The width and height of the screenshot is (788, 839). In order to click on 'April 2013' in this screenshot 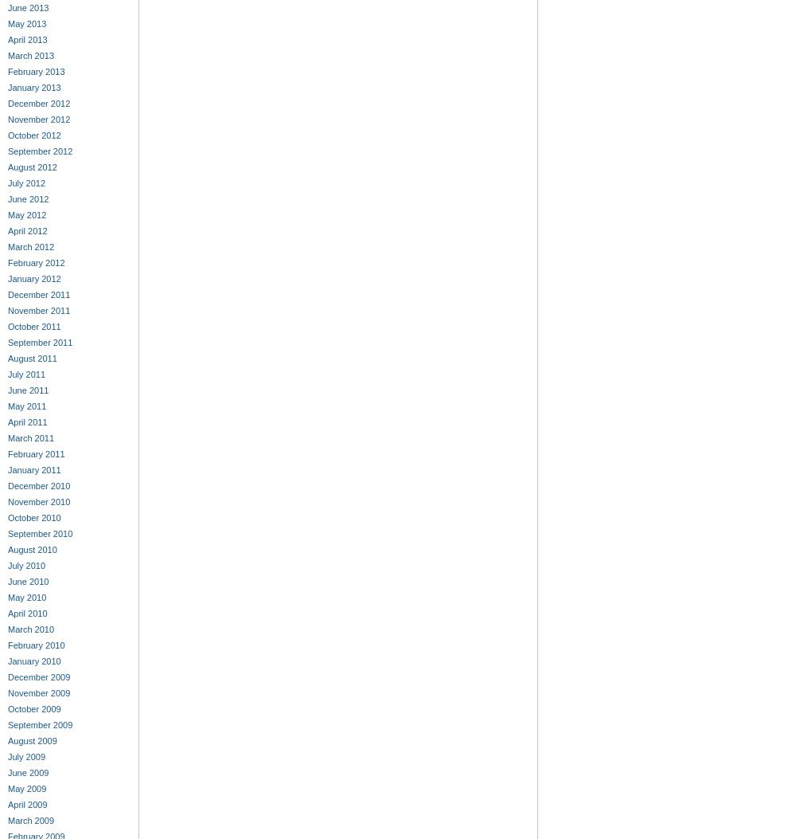, I will do `click(6, 39)`.